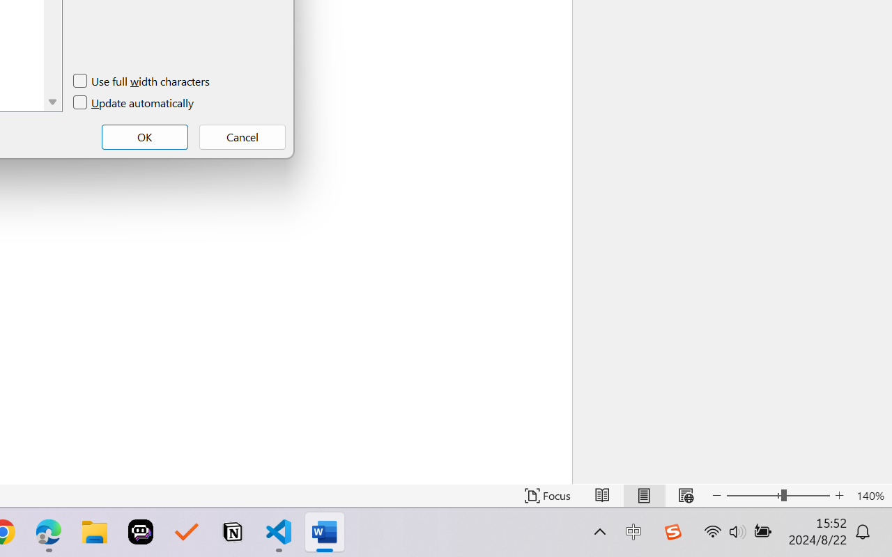 The height and width of the screenshot is (557, 892). Describe the element at coordinates (686, 495) in the screenshot. I see `'Web Layout'` at that location.